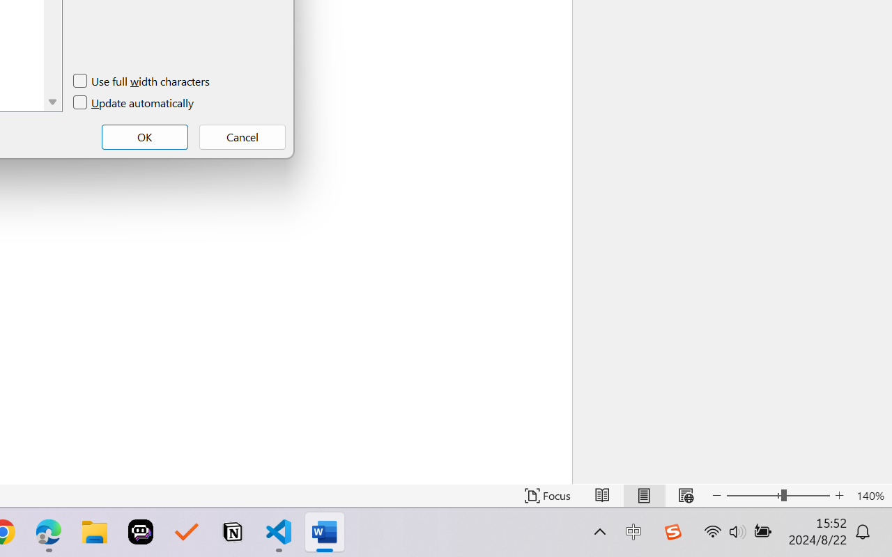 The height and width of the screenshot is (557, 892). Describe the element at coordinates (686, 495) in the screenshot. I see `'Web Layout'` at that location.